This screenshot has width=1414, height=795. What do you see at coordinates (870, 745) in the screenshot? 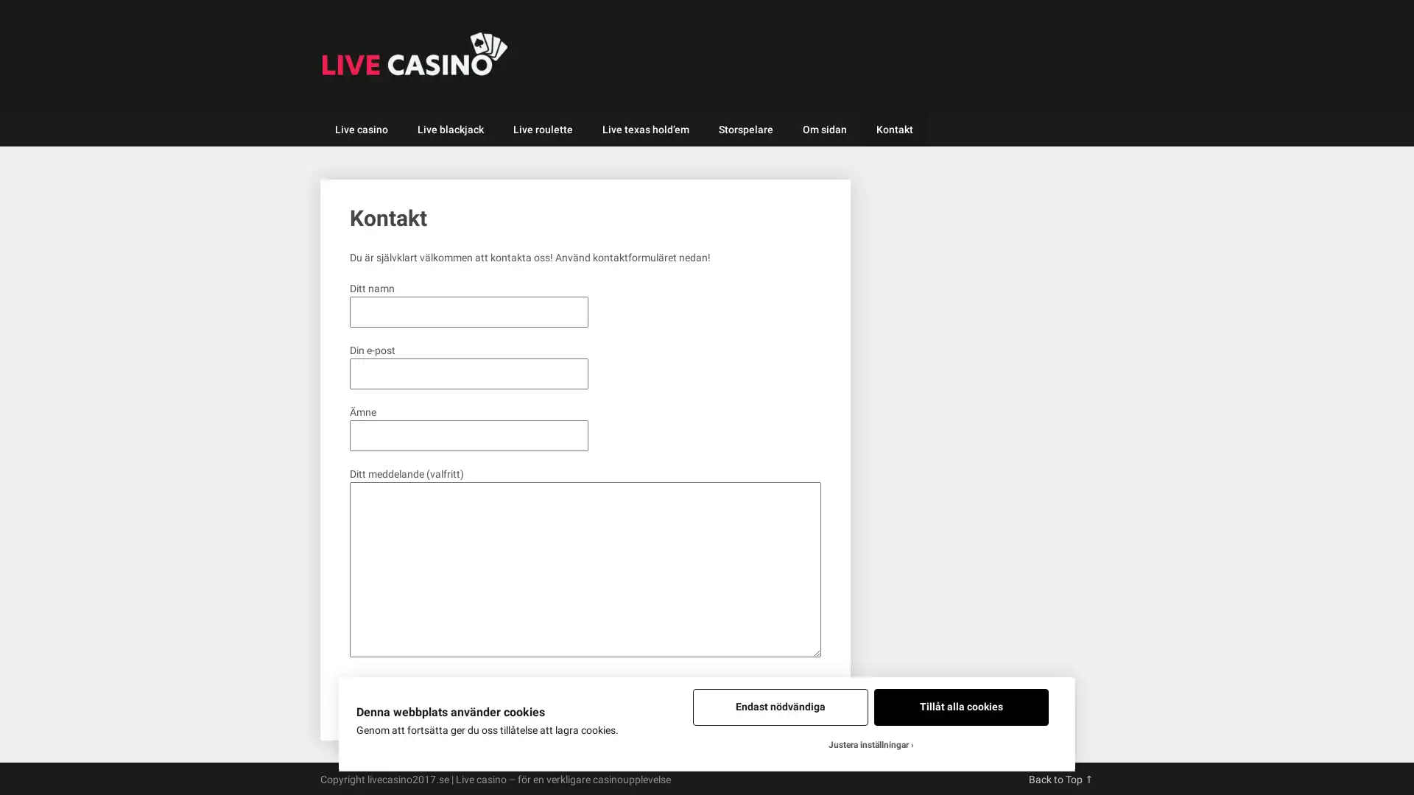
I see `Justera installningar` at bounding box center [870, 745].